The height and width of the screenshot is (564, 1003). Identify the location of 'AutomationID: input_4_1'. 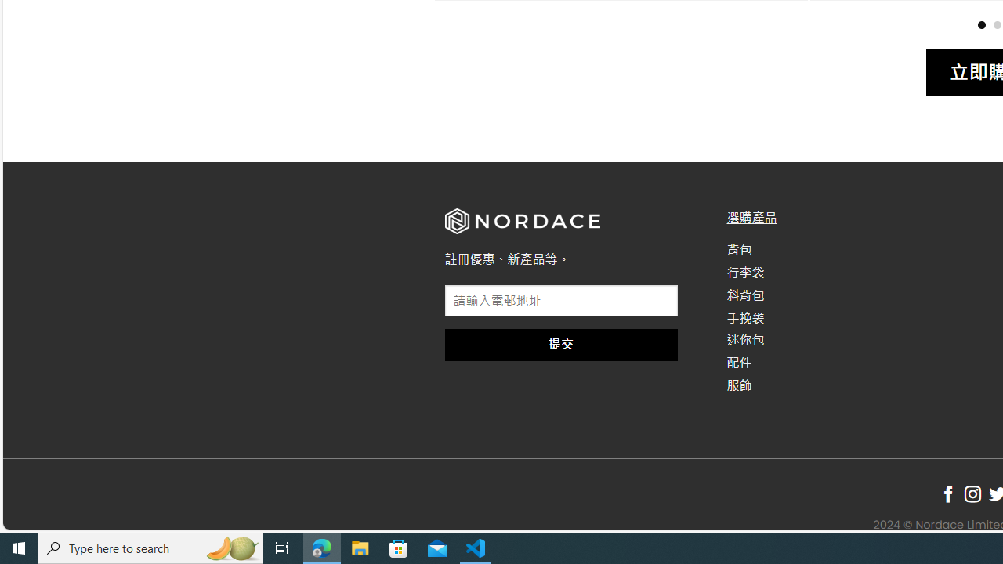
(561, 301).